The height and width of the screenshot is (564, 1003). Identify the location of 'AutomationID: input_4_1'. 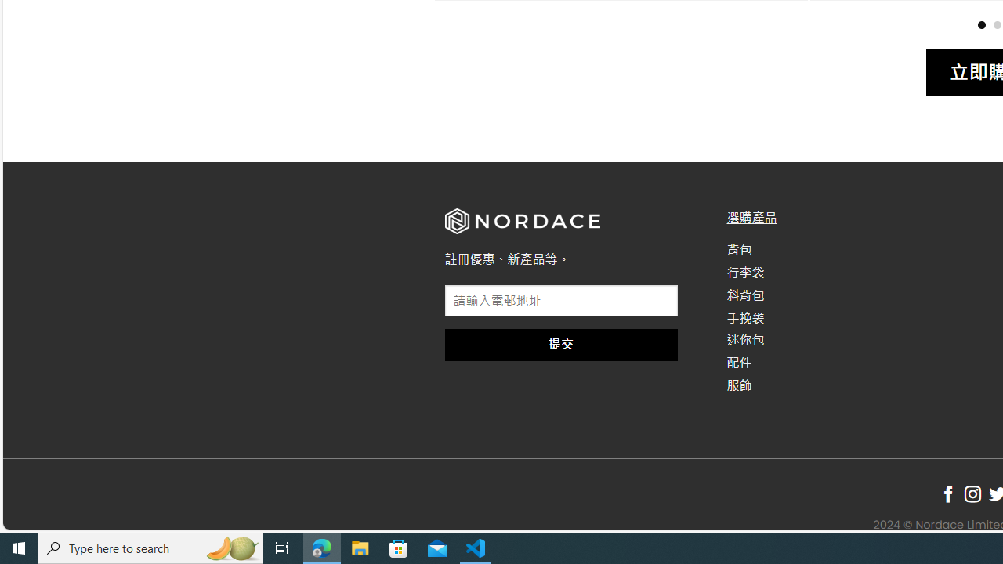
(561, 301).